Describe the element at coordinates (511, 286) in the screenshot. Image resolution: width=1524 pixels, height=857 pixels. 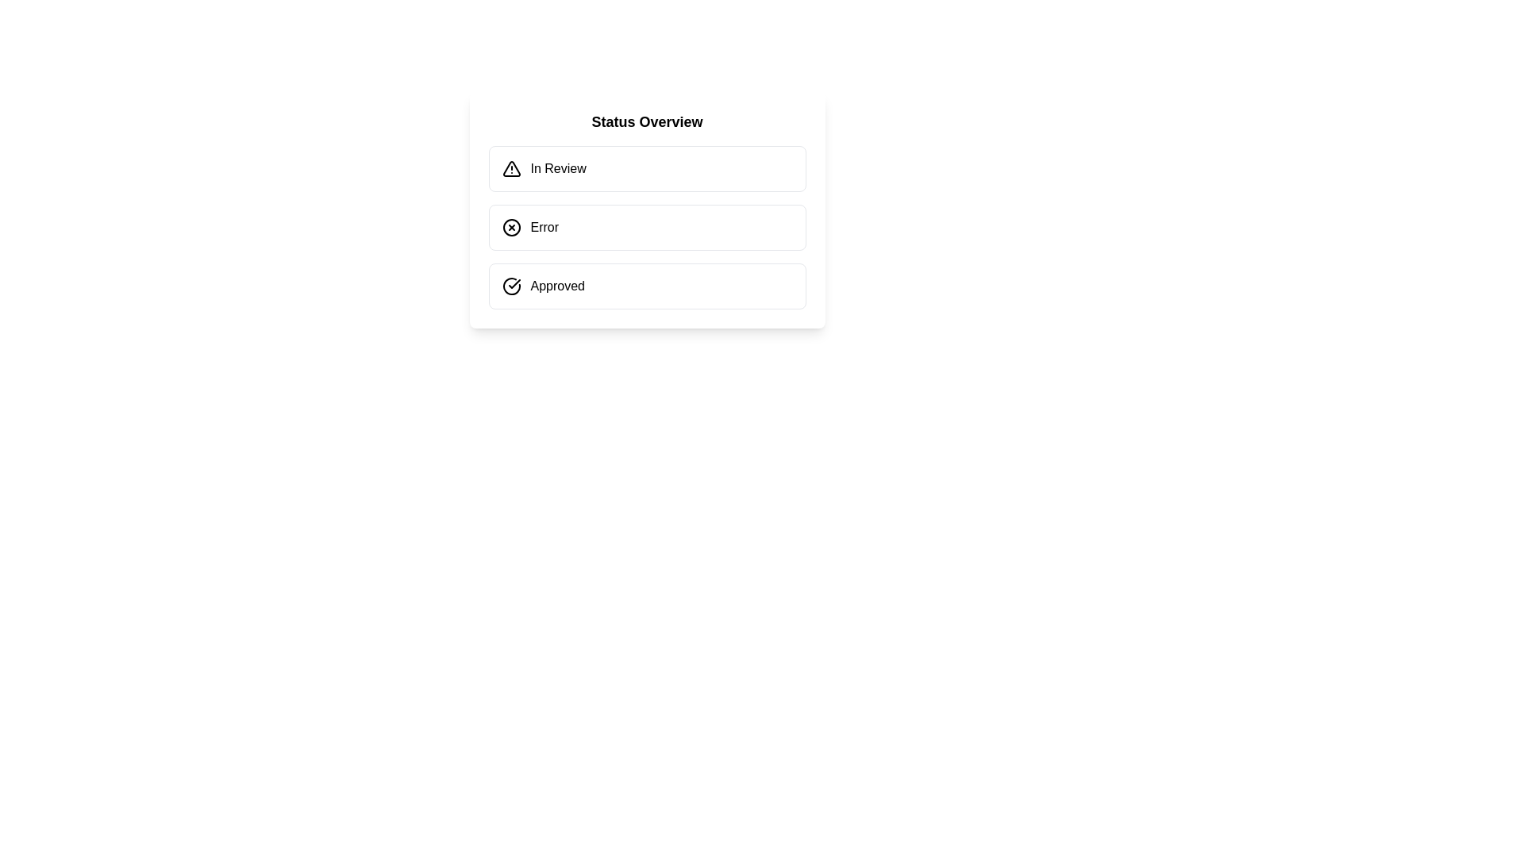
I see `the green checkmark icon inside a circle that symbolizes approval, located in the third row of the 'Status Overview' list, to the left of the 'Approved' label` at that location.